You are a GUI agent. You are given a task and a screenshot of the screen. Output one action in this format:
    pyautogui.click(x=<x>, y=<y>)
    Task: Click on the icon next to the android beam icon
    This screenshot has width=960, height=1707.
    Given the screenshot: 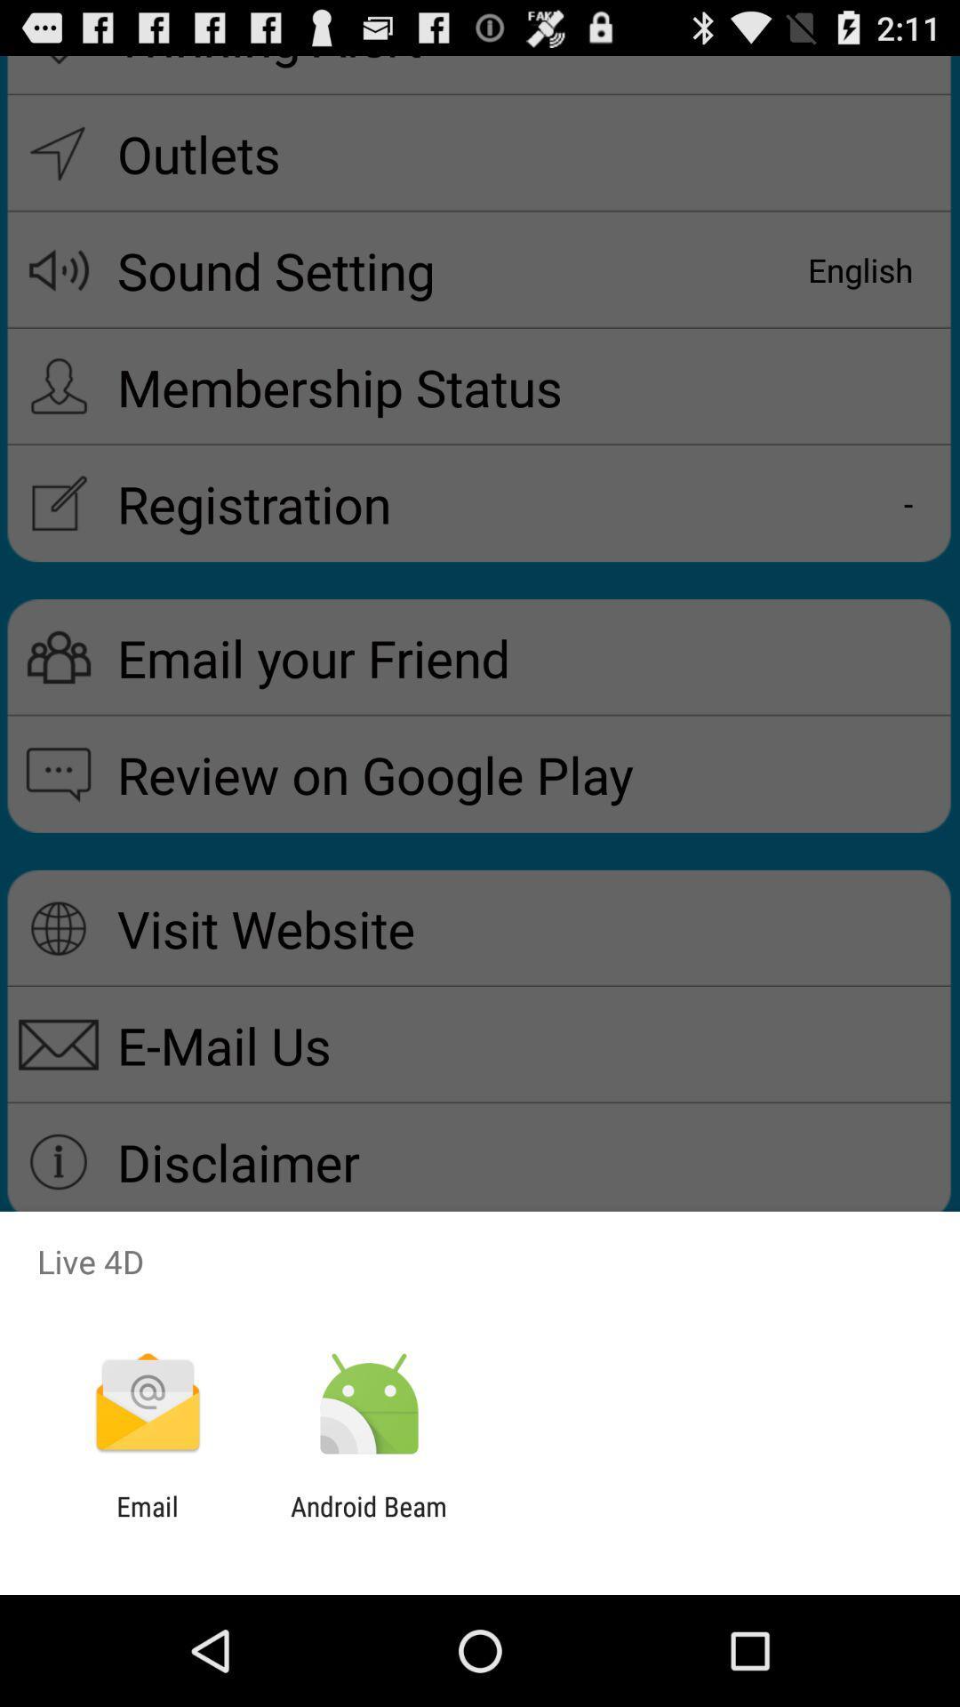 What is the action you would take?
    pyautogui.click(x=147, y=1521)
    